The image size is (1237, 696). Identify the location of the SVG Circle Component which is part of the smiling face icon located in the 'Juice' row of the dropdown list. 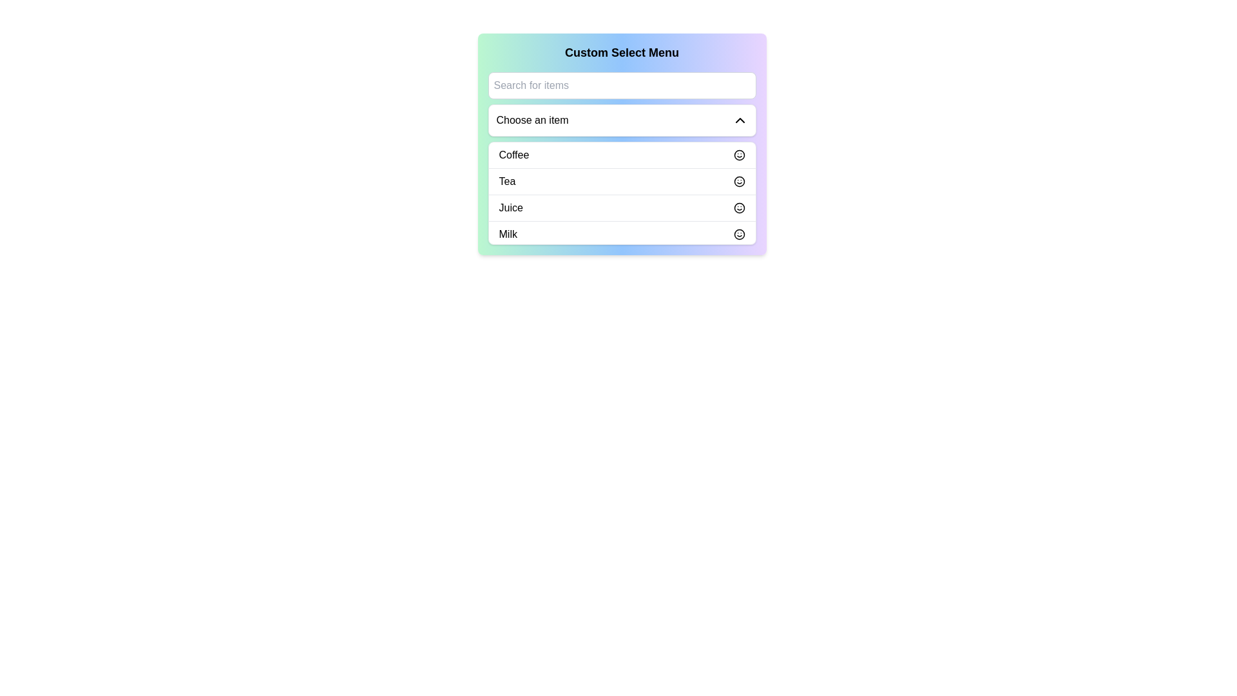
(739, 208).